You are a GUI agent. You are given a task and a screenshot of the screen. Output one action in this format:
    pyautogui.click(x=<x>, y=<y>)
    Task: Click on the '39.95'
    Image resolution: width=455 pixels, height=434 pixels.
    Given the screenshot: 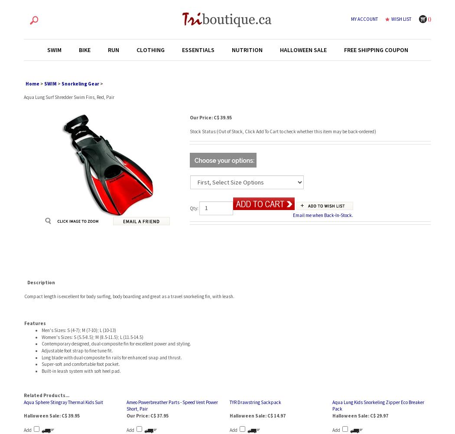 What is the action you would take?
    pyautogui.click(x=225, y=118)
    